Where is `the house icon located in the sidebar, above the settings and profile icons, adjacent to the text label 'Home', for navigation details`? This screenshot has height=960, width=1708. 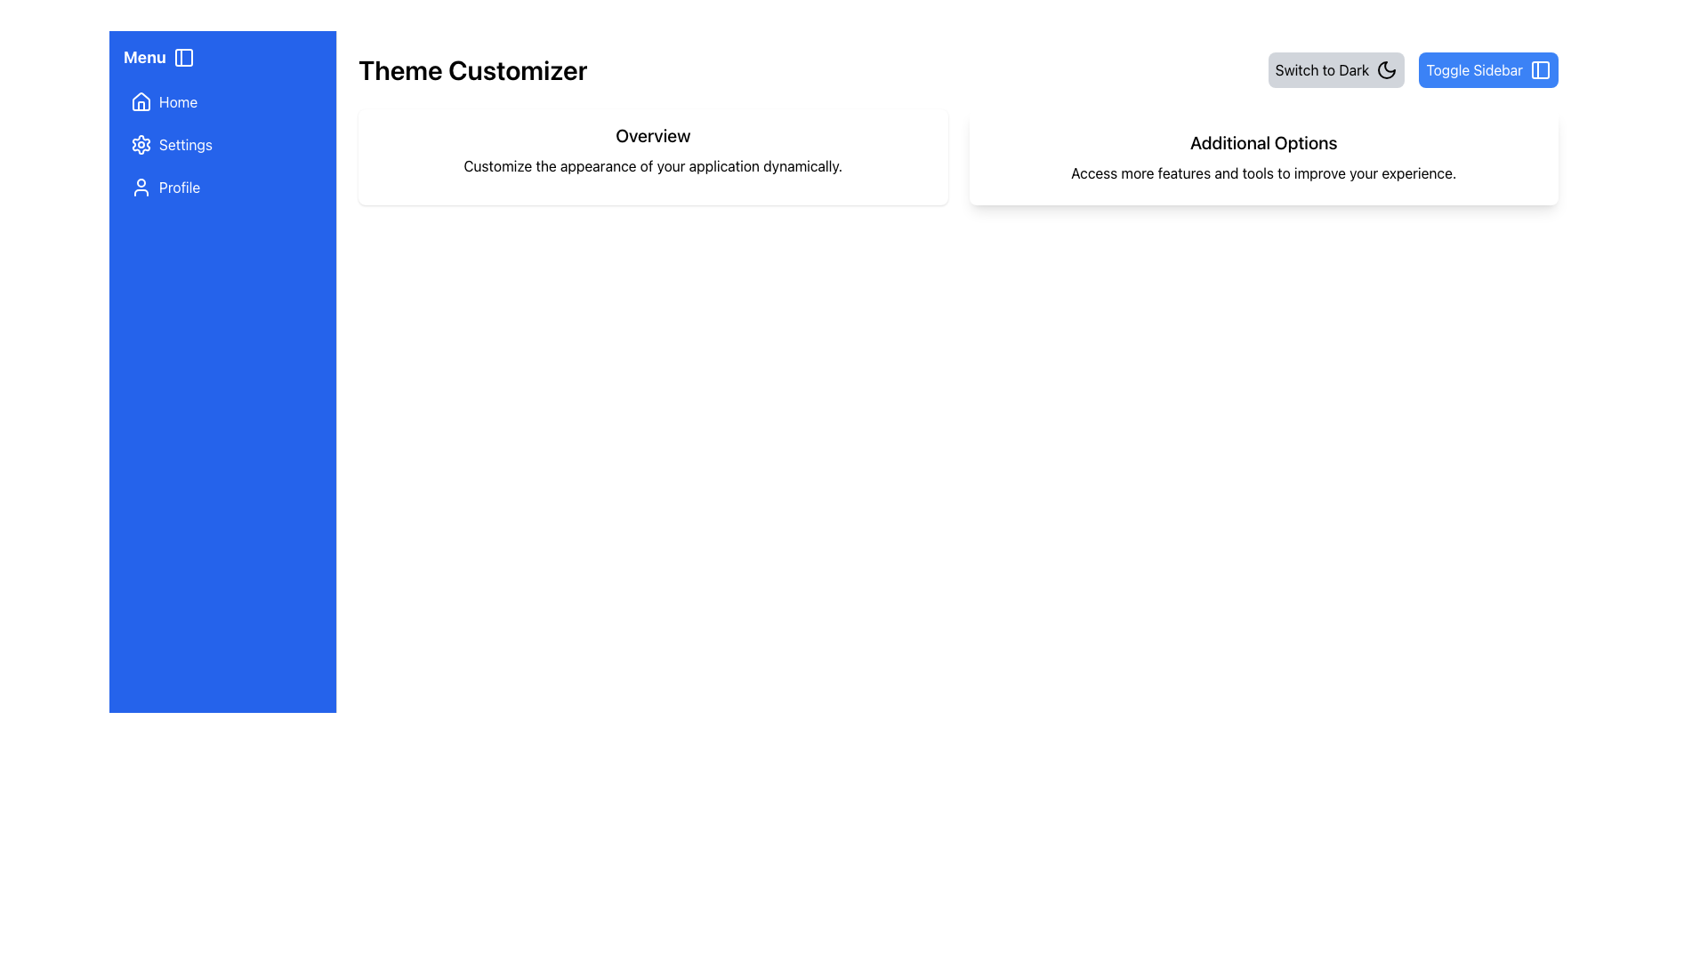 the house icon located in the sidebar, above the settings and profile icons, adjacent to the text label 'Home', for navigation details is located at coordinates (140, 101).